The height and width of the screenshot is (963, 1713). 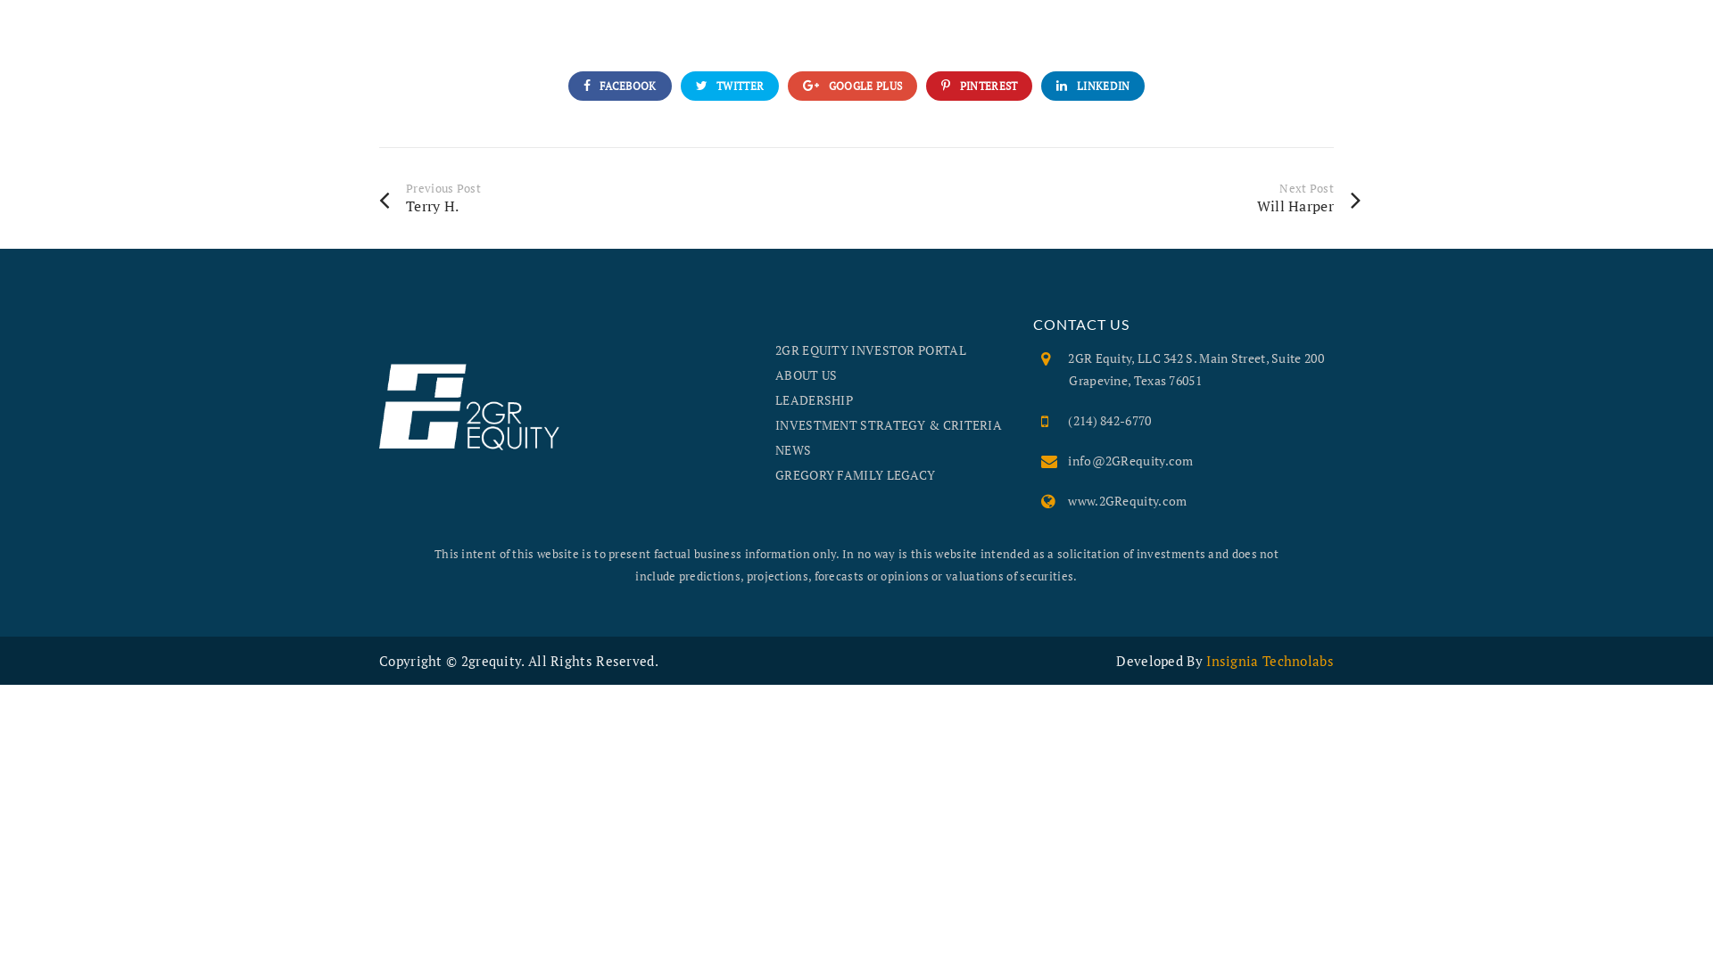 I want to click on 'Insignia Technolabs', so click(x=1206, y=660).